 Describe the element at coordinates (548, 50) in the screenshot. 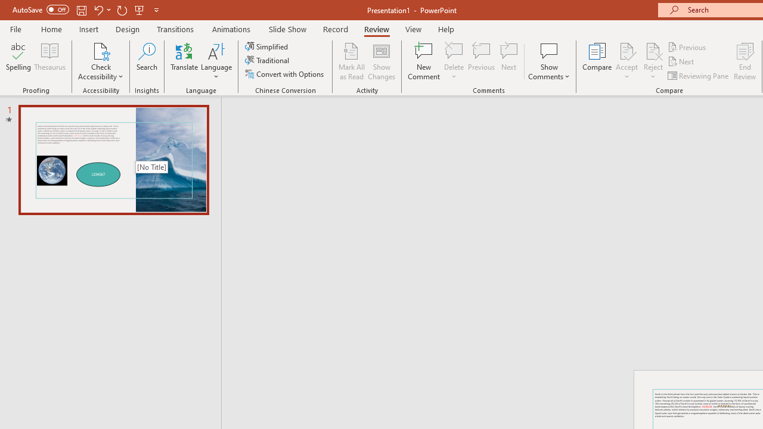

I see `'Show Comments'` at that location.